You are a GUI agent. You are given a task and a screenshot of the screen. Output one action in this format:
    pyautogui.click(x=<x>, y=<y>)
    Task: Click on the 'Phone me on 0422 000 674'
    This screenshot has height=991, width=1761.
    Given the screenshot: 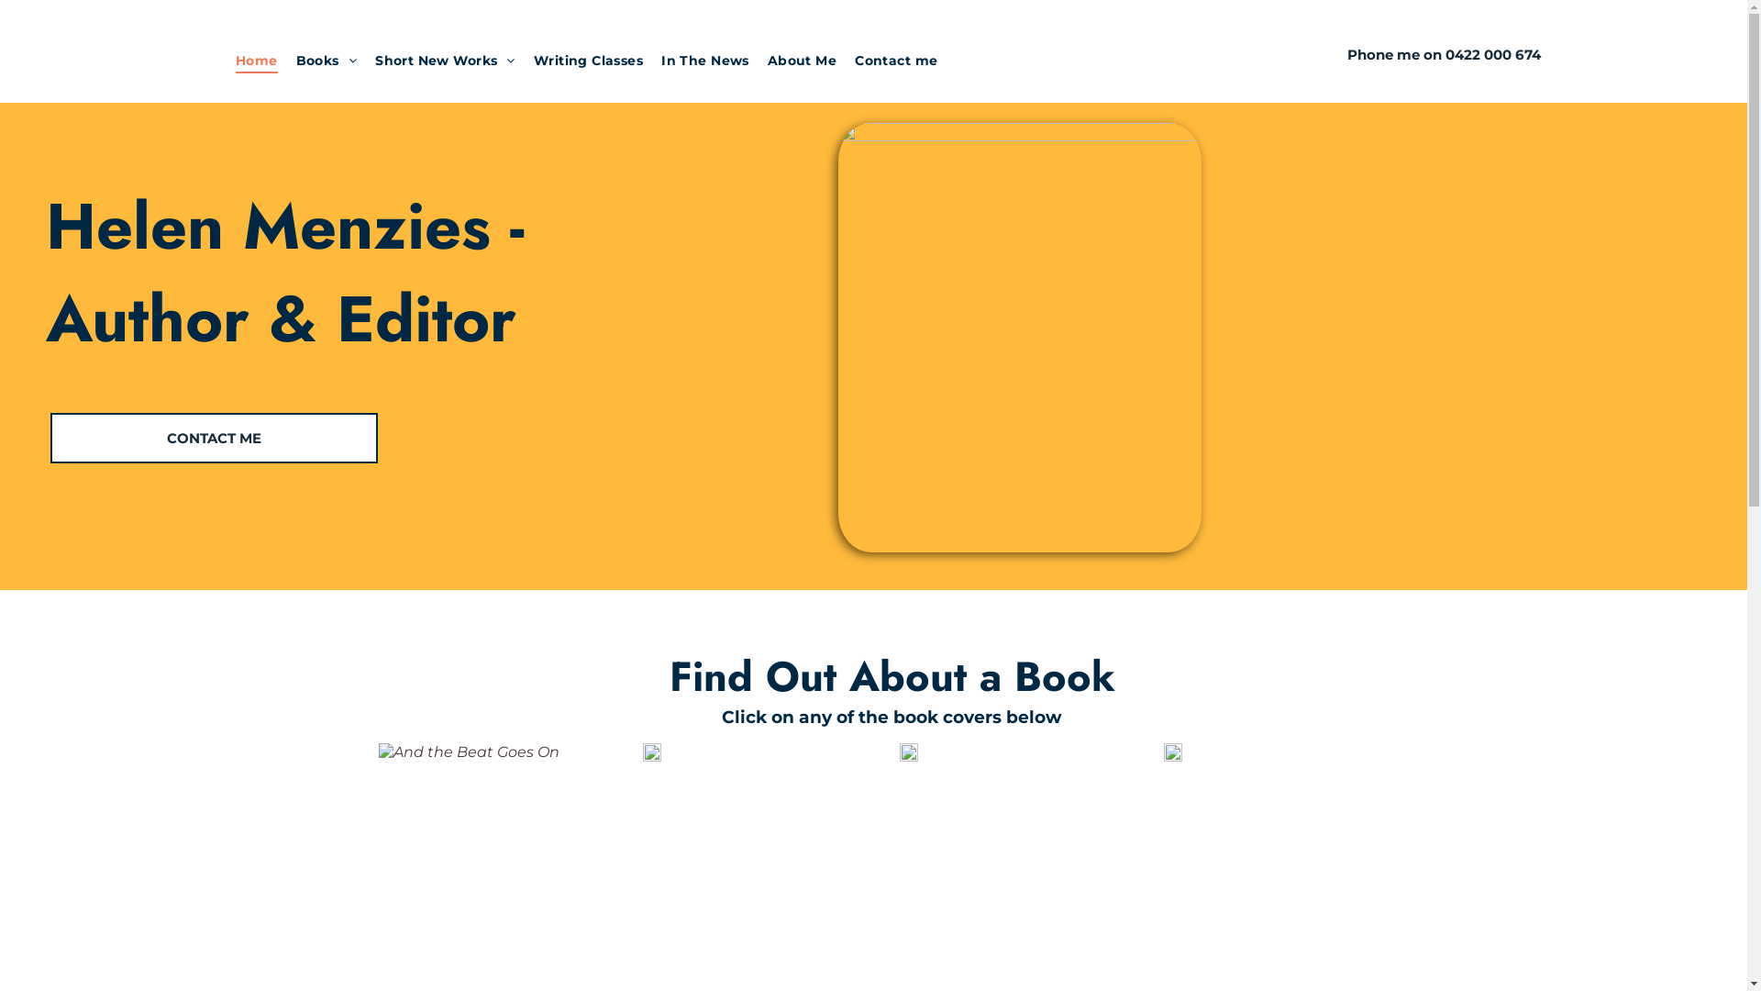 What is the action you would take?
    pyautogui.click(x=1443, y=53)
    